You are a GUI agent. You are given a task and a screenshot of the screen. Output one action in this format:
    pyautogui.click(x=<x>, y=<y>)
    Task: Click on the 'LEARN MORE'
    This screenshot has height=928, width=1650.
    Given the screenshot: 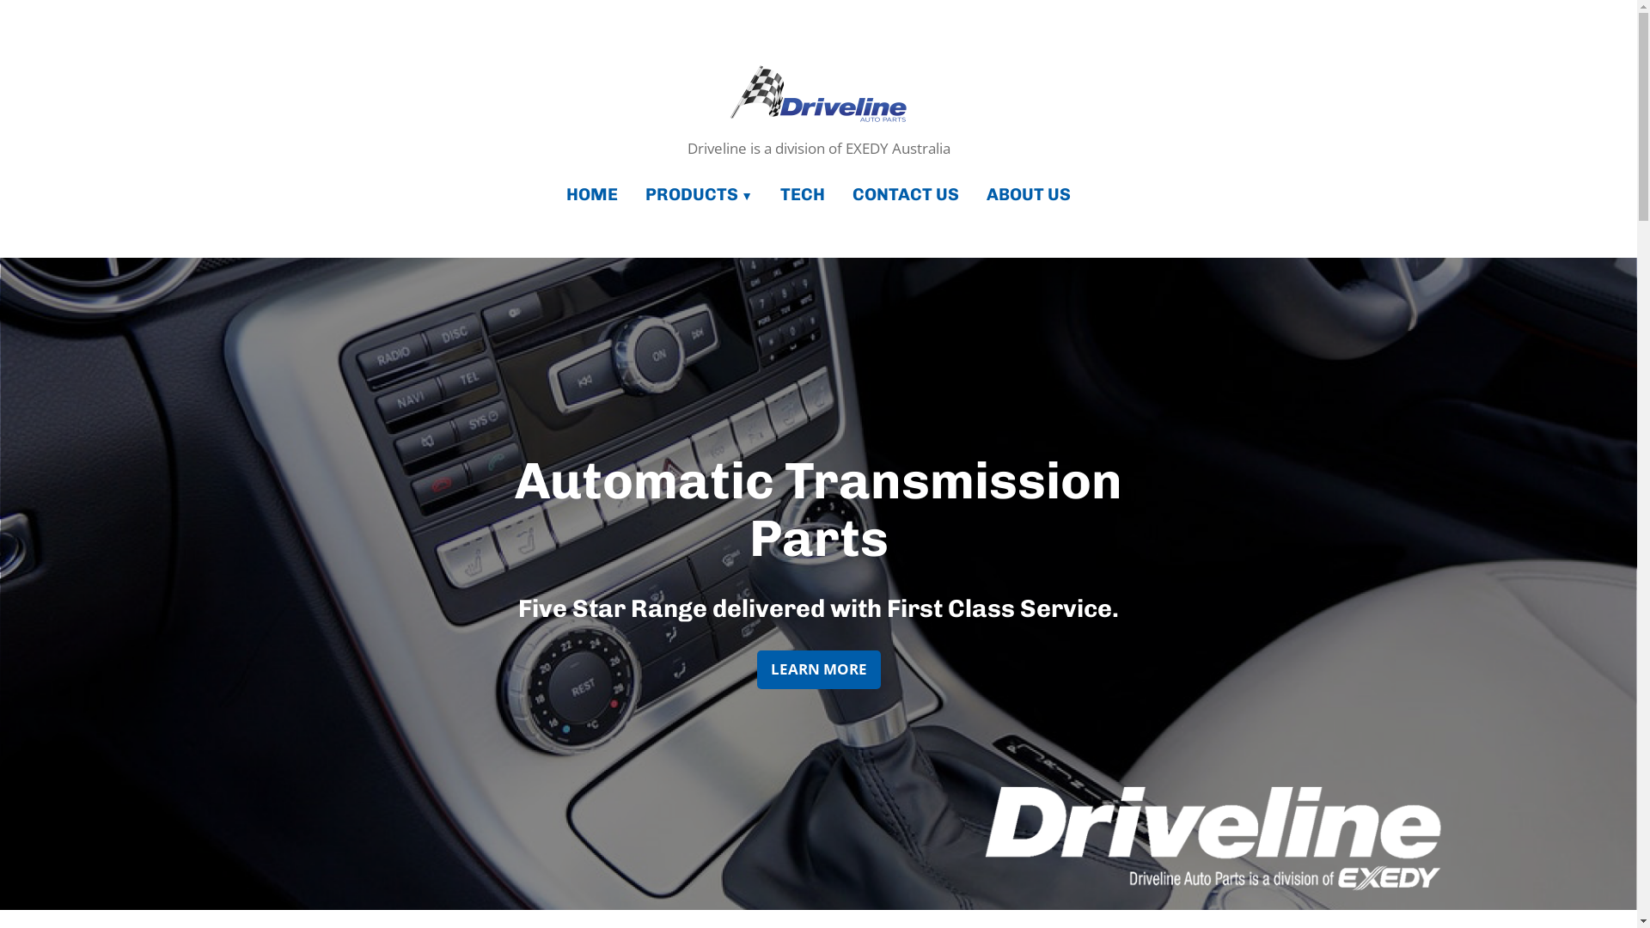 What is the action you would take?
    pyautogui.click(x=816, y=669)
    